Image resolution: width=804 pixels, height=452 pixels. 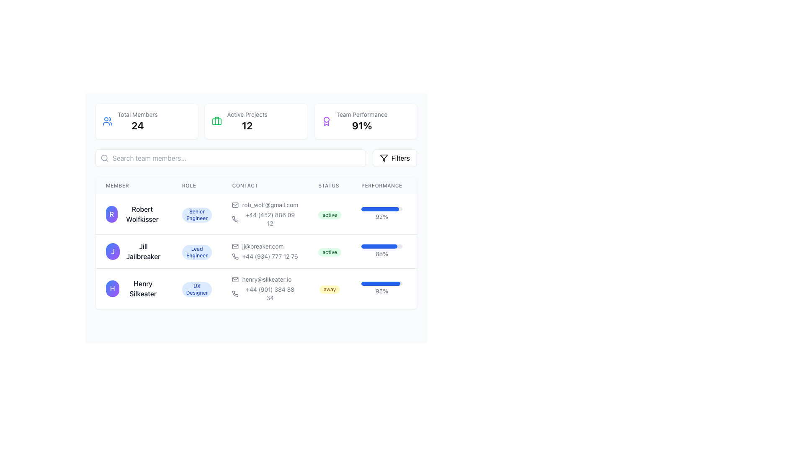 What do you see at coordinates (265, 205) in the screenshot?
I see `the text displaying an email address, which is styled in a small, gray font and accompanied by an email icon` at bounding box center [265, 205].